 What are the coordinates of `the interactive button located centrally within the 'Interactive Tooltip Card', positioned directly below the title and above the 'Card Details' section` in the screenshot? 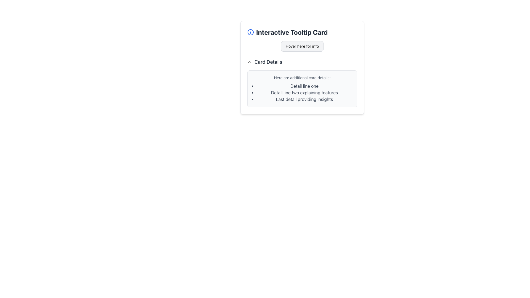 It's located at (302, 46).